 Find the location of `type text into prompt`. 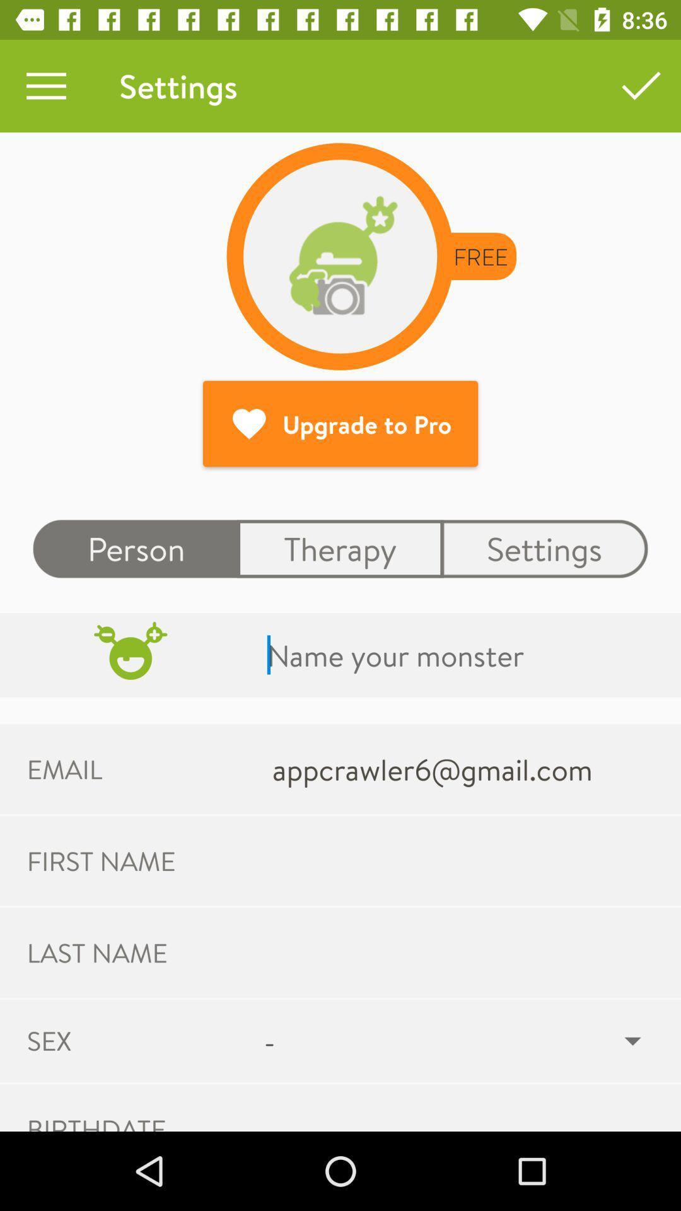

type text into prompt is located at coordinates (462, 655).